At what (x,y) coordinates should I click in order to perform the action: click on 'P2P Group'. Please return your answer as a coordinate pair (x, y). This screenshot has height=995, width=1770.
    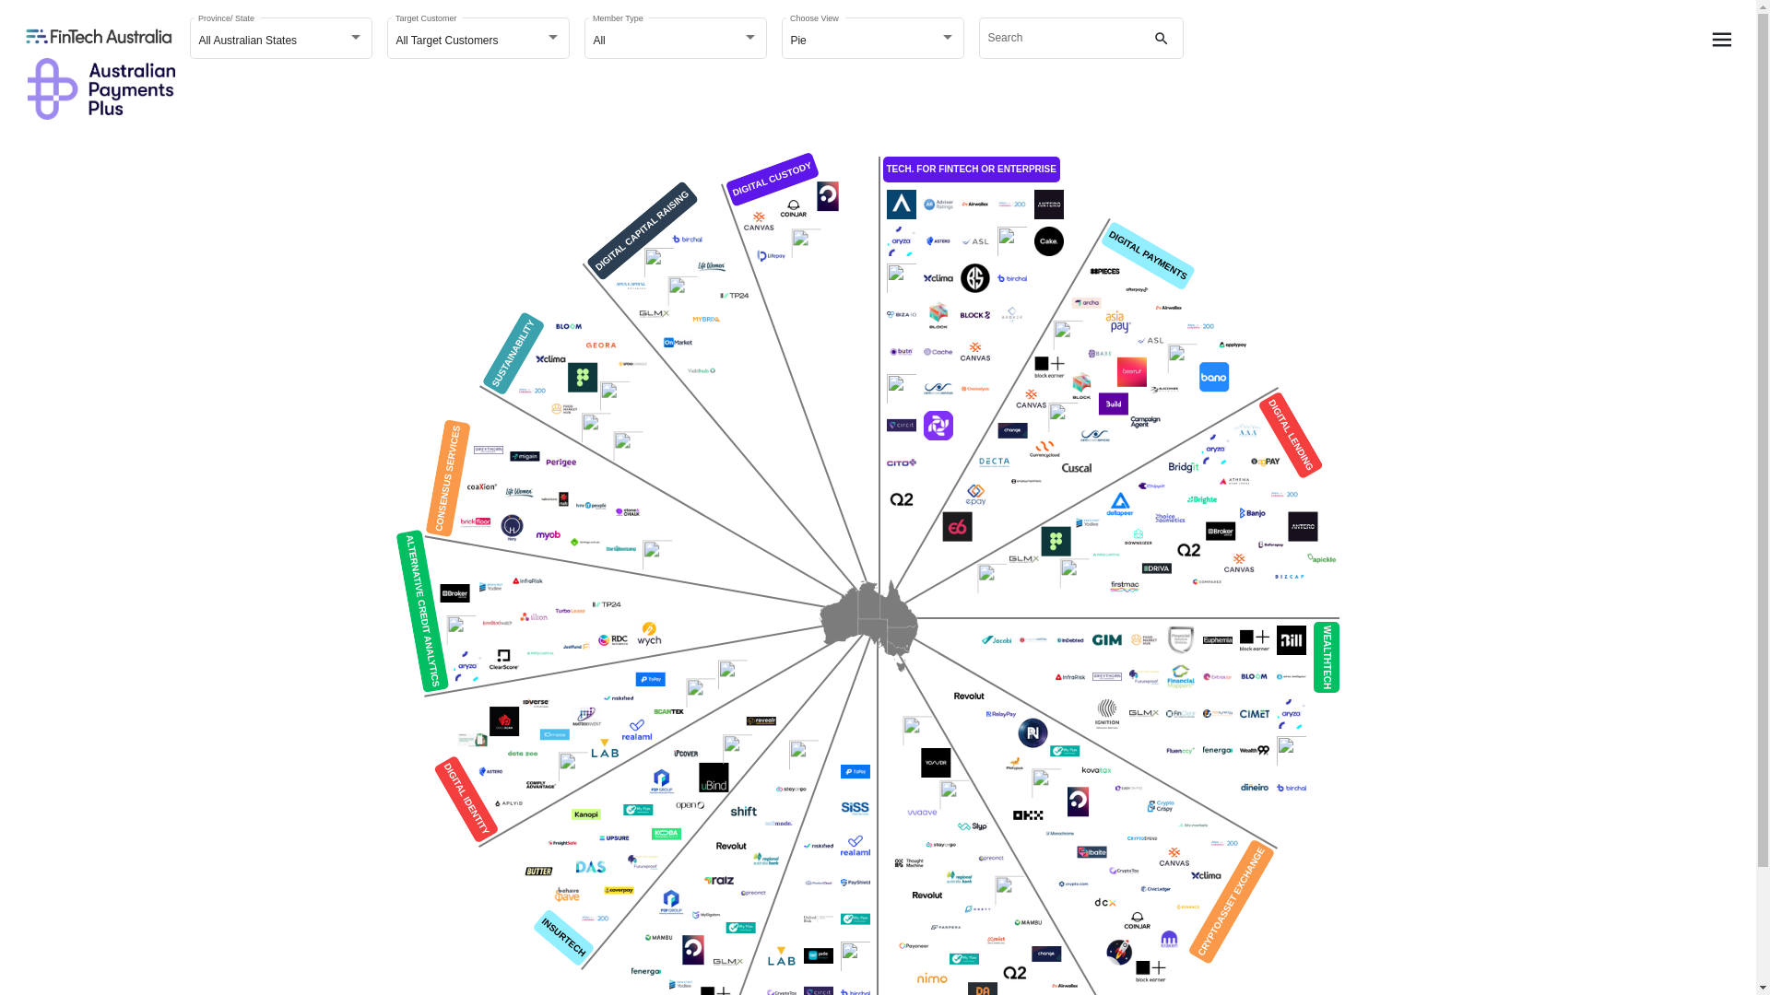
    Looking at the image, I should click on (643, 781).